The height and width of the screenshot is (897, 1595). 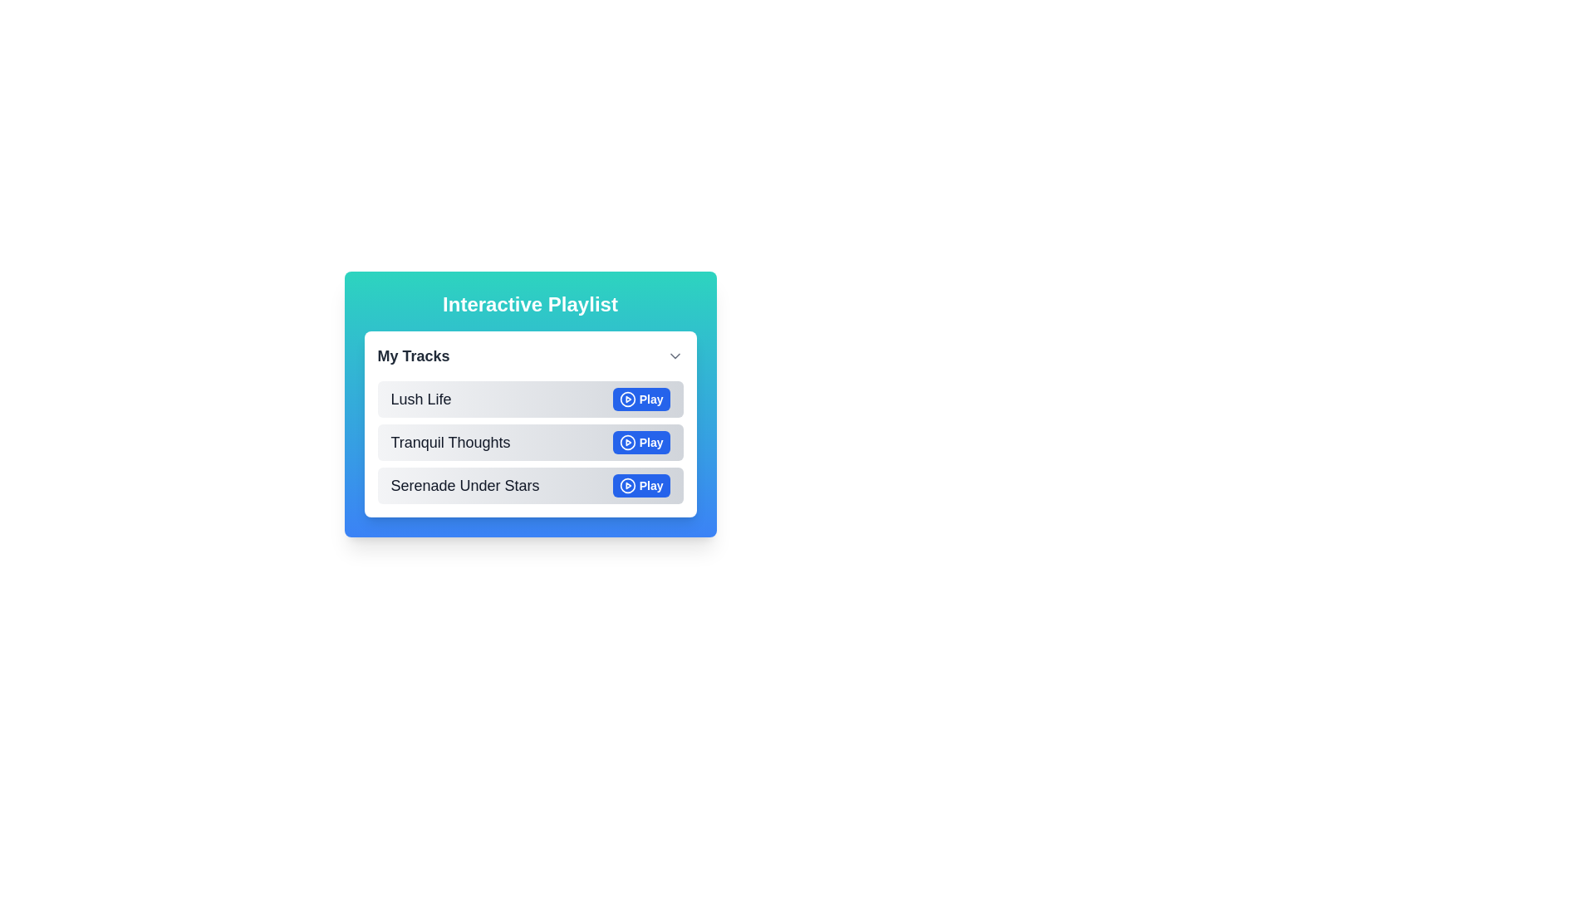 What do you see at coordinates (529, 441) in the screenshot?
I see `the second track item 'Tranquil Thoughts' in the playlist` at bounding box center [529, 441].